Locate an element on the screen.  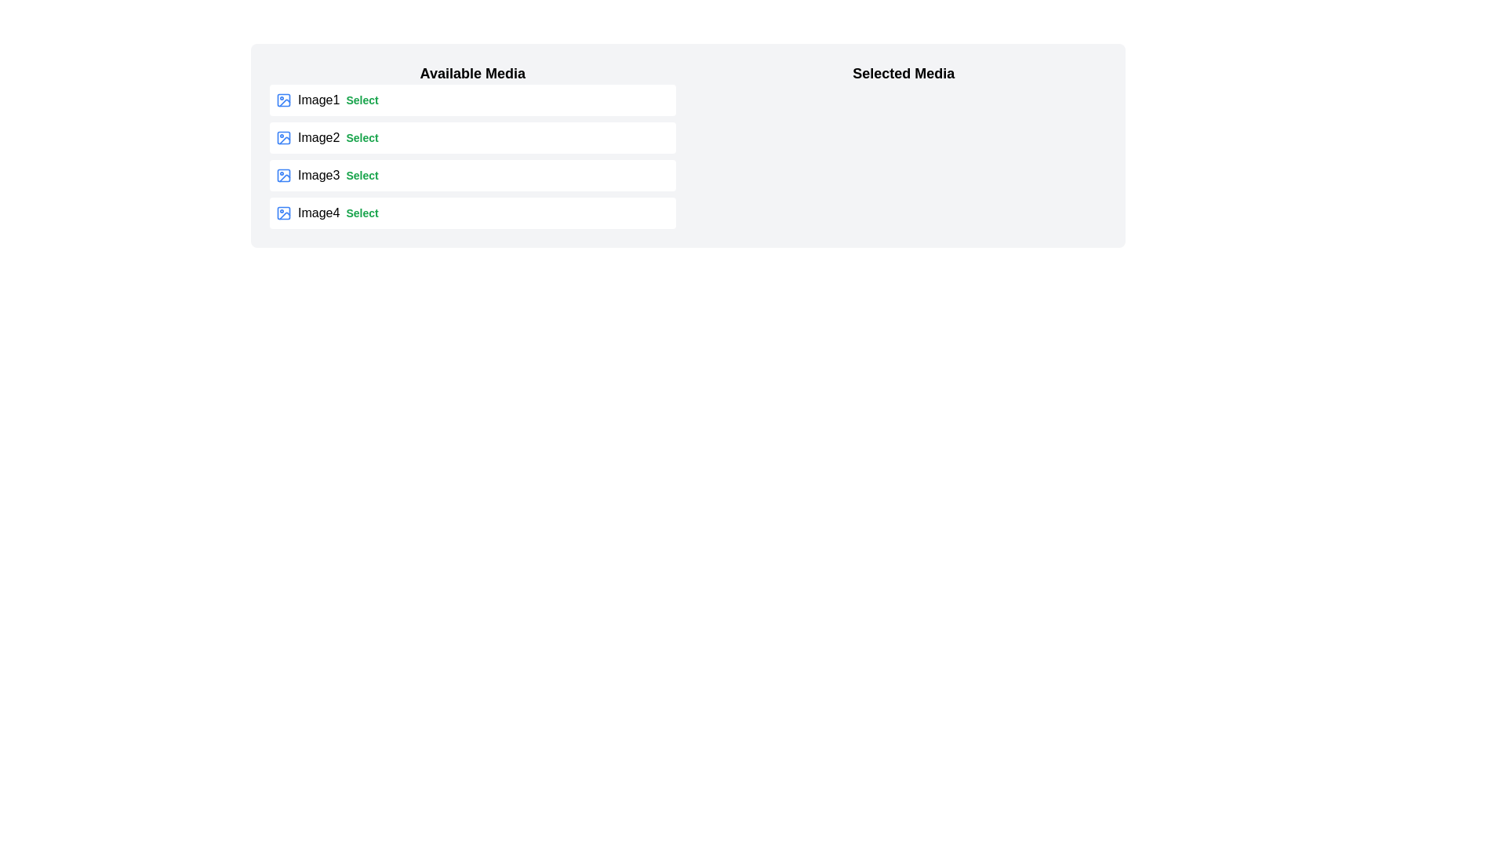
the light blue rounded square shape that serves as the background for the image icon in the 'Image2 Select' row under the 'Available Media' column is located at coordinates (283, 137).